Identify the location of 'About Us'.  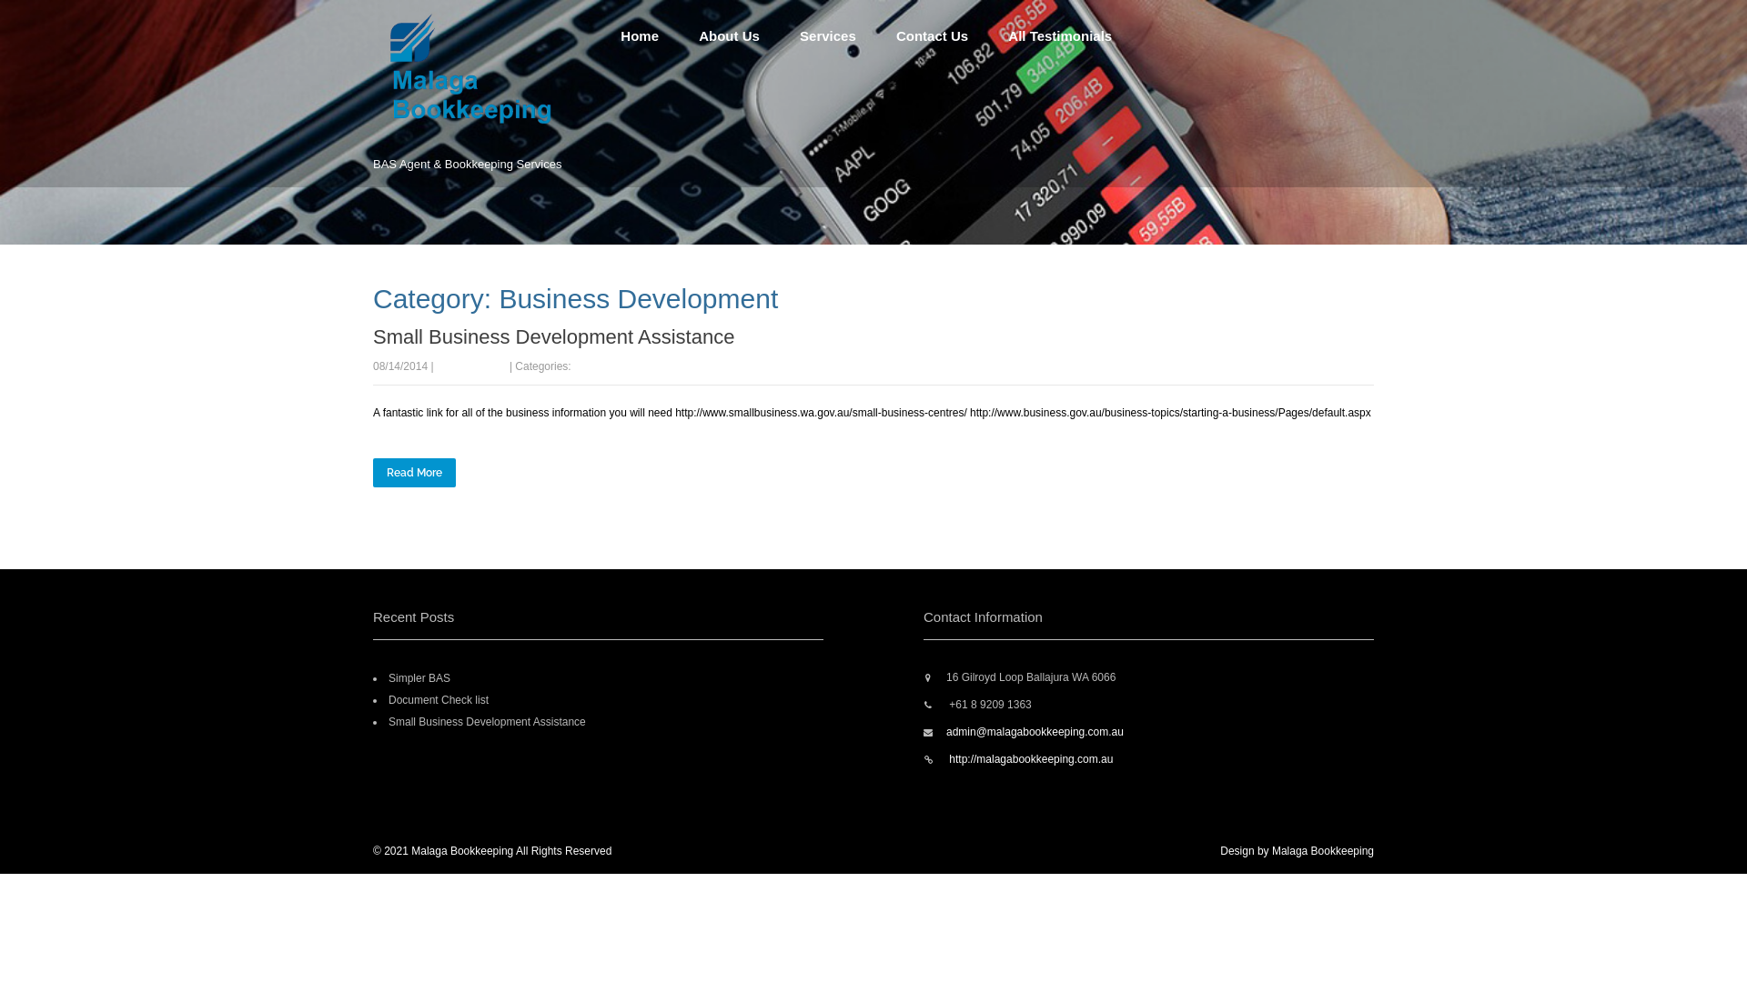
(729, 36).